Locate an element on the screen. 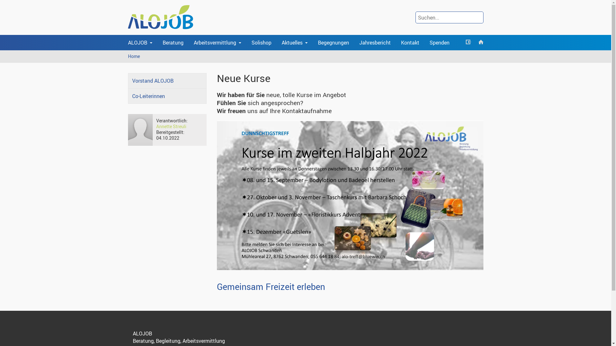  'Vorstand ALOJOB' is located at coordinates (167, 80).